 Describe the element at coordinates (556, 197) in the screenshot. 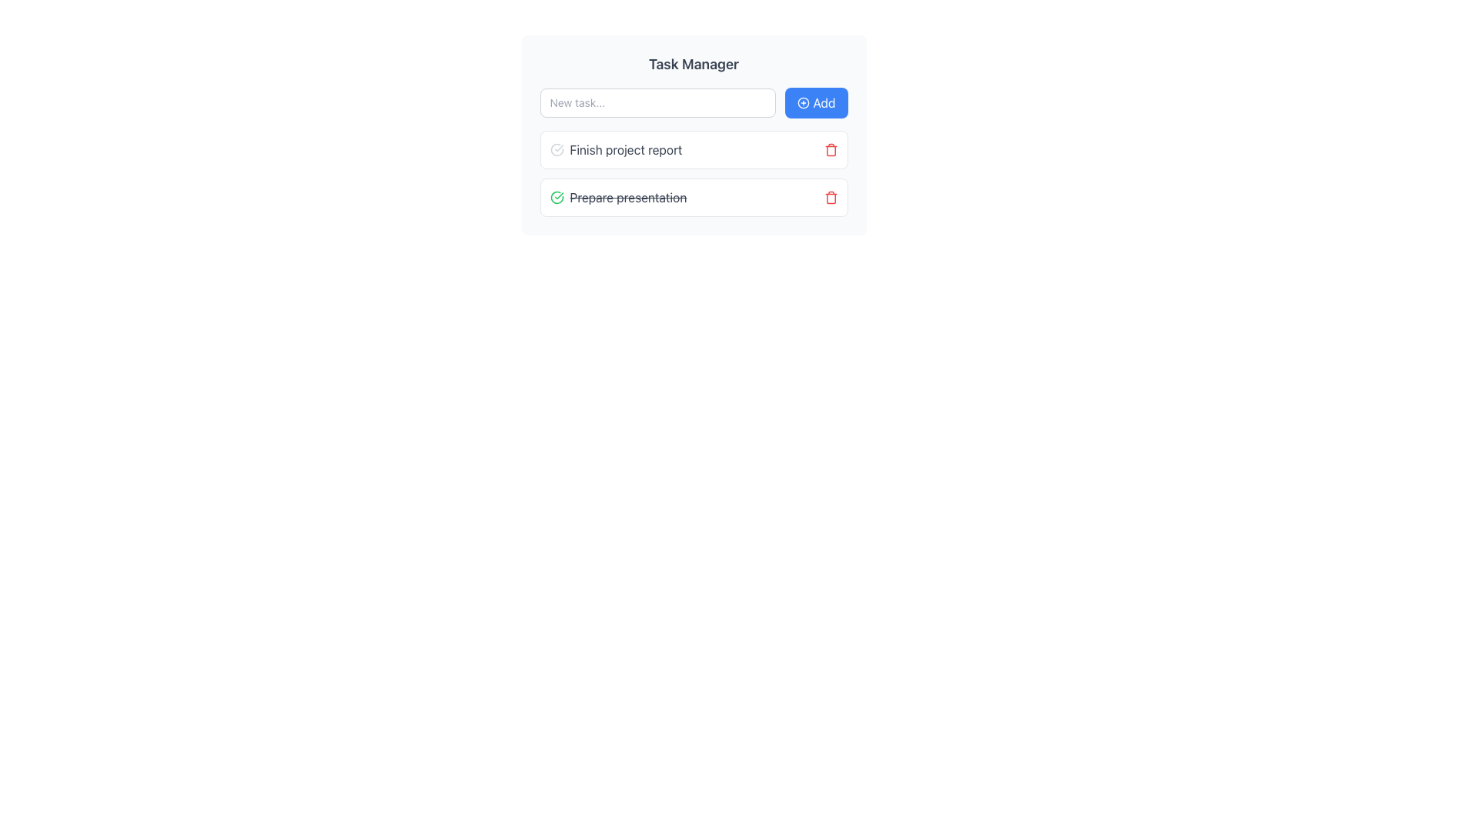

I see `the green circle icon with a checkmark located to the left of the text 'Prepare presentation' in the 'Task Manager' list of tasks` at that location.